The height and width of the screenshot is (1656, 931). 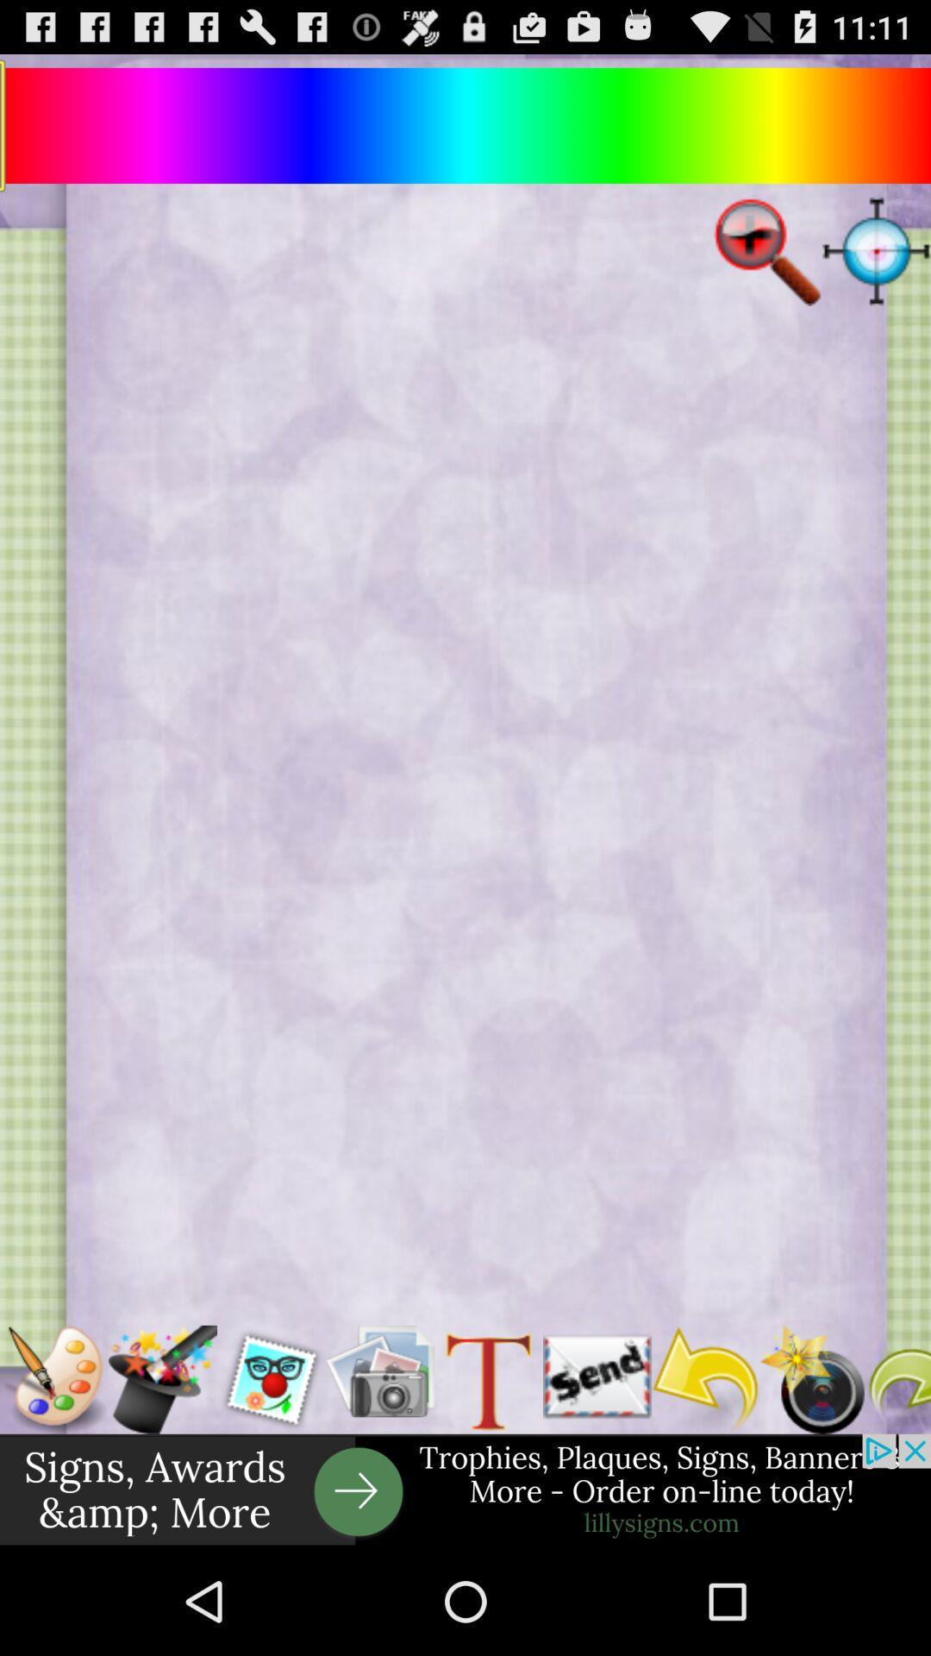 What do you see at coordinates (489, 1476) in the screenshot?
I see `the font icon` at bounding box center [489, 1476].